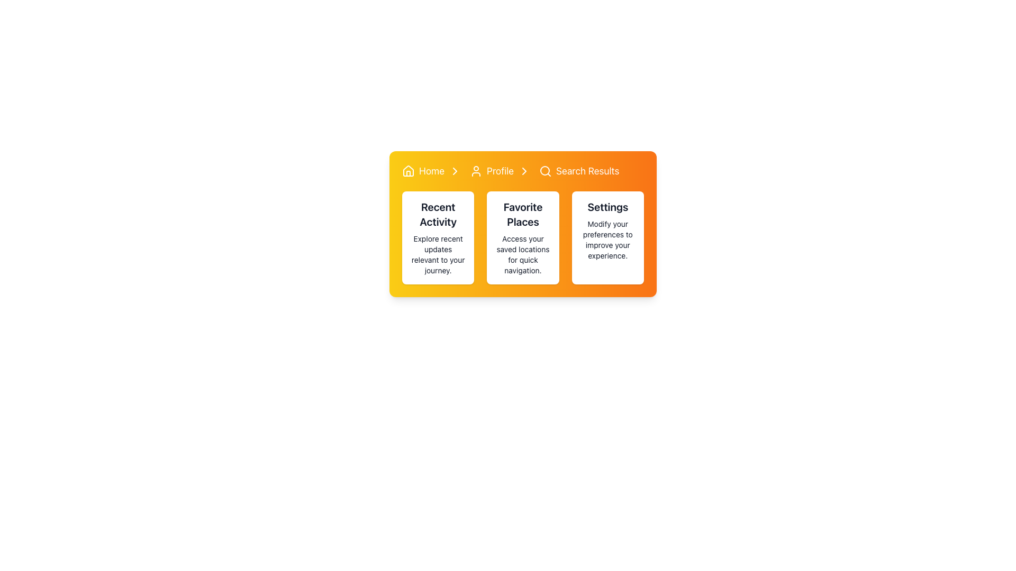  I want to click on the 'Home' icon in the breadcrumb navigation bar, so click(408, 170).